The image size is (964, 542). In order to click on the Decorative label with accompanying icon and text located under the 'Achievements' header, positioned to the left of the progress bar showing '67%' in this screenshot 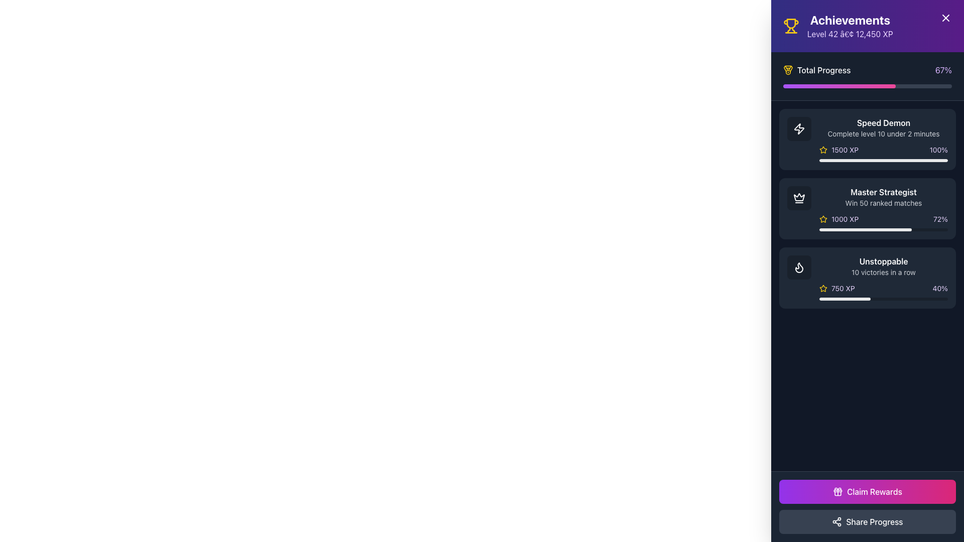, I will do `click(817, 69)`.